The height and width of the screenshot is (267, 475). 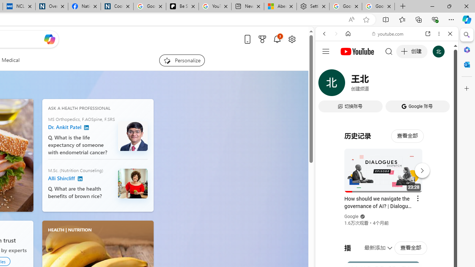 What do you see at coordinates (466, 88) in the screenshot?
I see `'Close Customize pane'` at bounding box center [466, 88].